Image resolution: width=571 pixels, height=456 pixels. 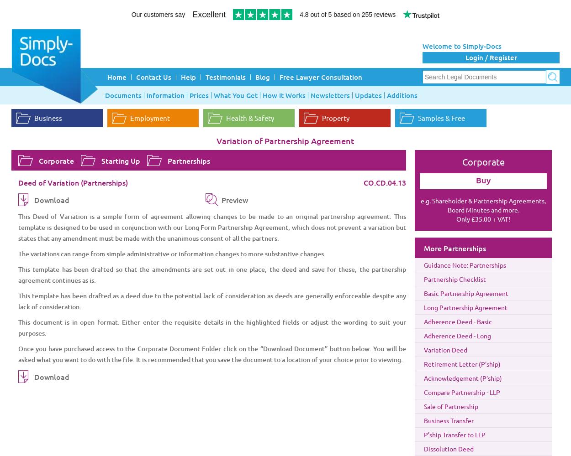 I want to click on 'Basic Partnership Agreement', so click(x=423, y=293).